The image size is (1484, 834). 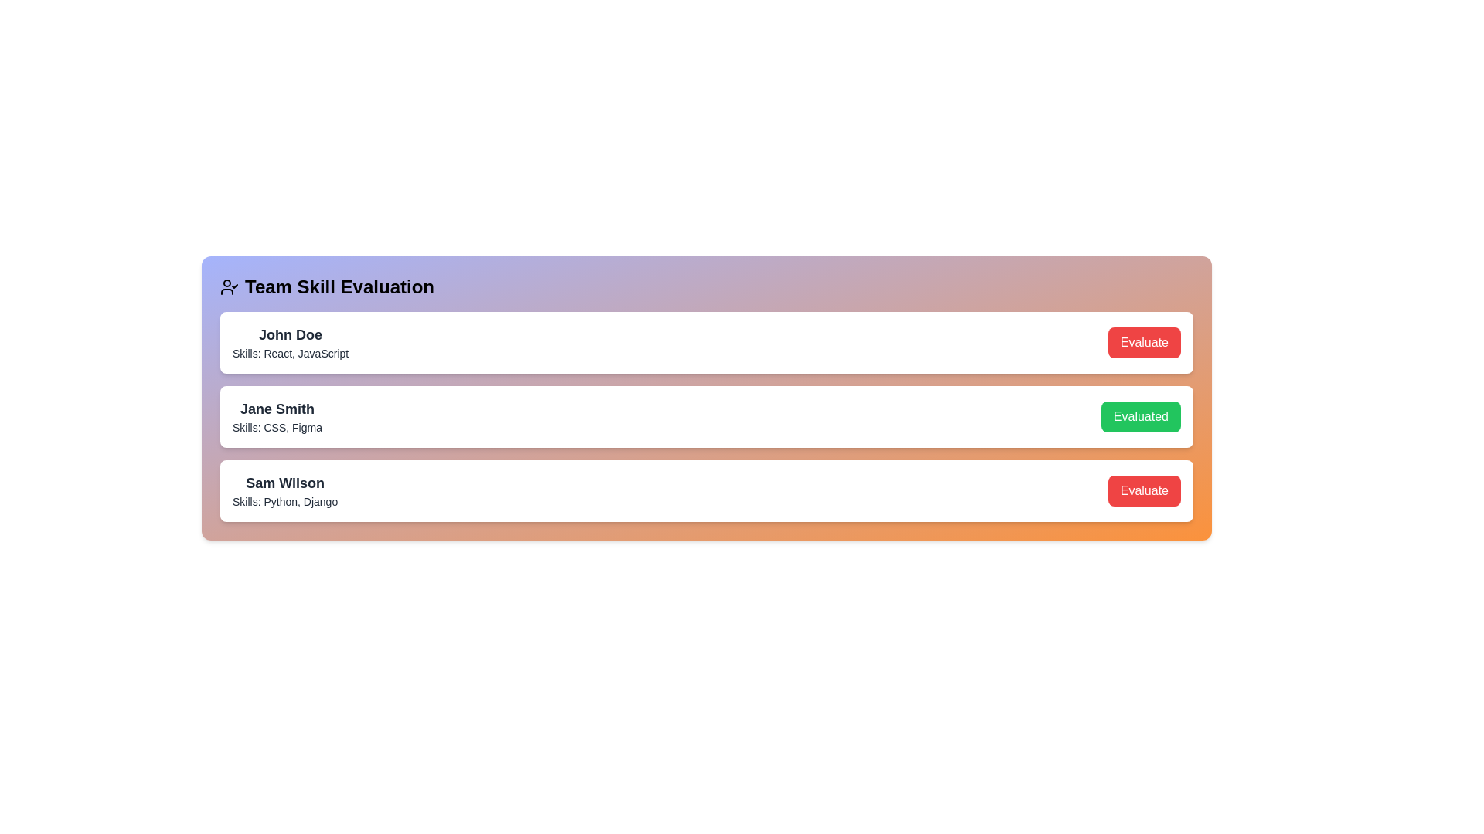 I want to click on the text label displaying the skills attributed to 'Jane Smith', so click(x=277, y=428).